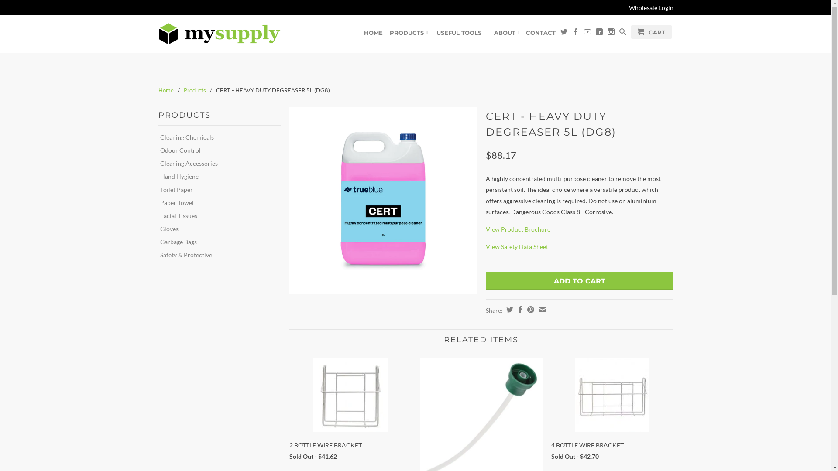  Describe the element at coordinates (536, 309) in the screenshot. I see `'Email this to a friend'` at that location.